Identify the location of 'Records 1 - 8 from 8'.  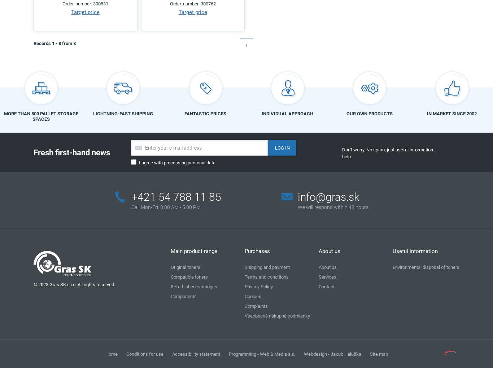
(54, 43).